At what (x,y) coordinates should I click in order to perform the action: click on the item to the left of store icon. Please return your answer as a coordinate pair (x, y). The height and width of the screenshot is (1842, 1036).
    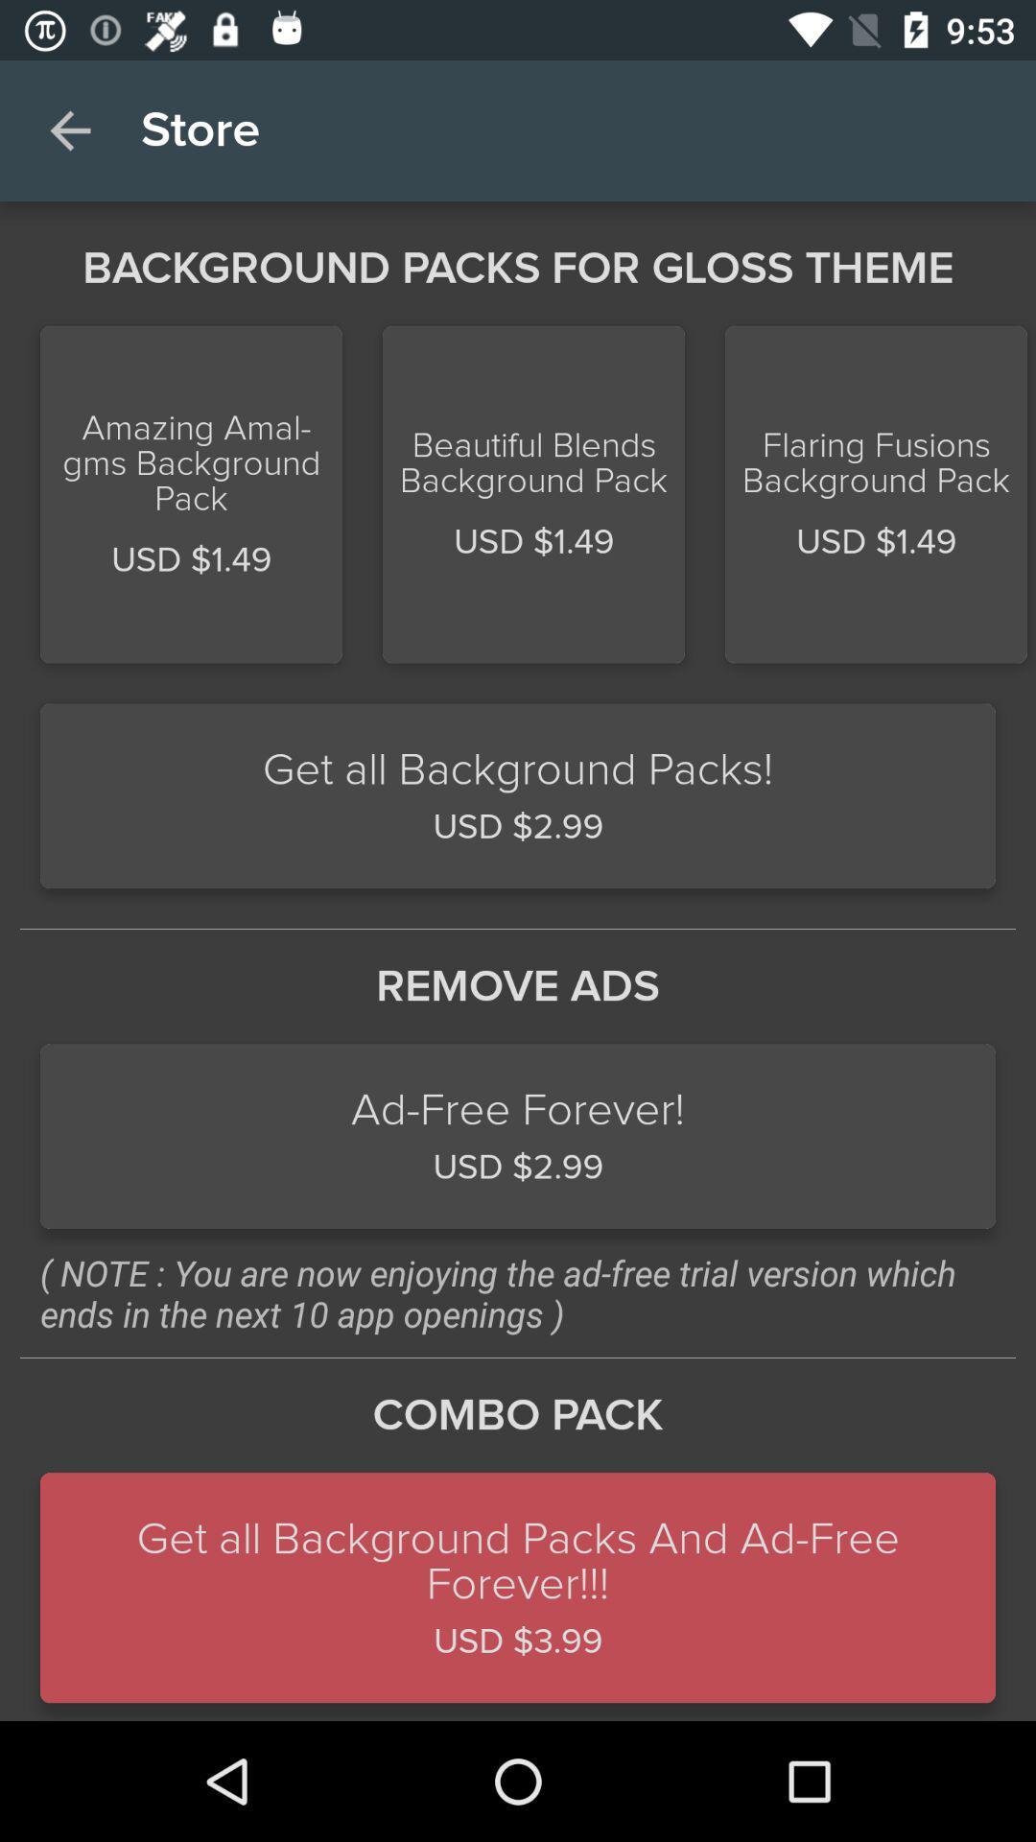
    Looking at the image, I should click on (69, 130).